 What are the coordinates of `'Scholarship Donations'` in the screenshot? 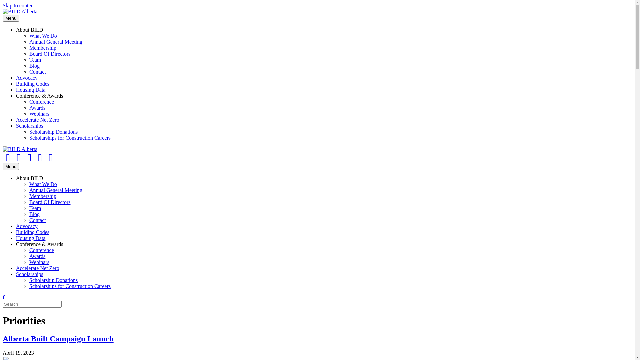 It's located at (53, 132).